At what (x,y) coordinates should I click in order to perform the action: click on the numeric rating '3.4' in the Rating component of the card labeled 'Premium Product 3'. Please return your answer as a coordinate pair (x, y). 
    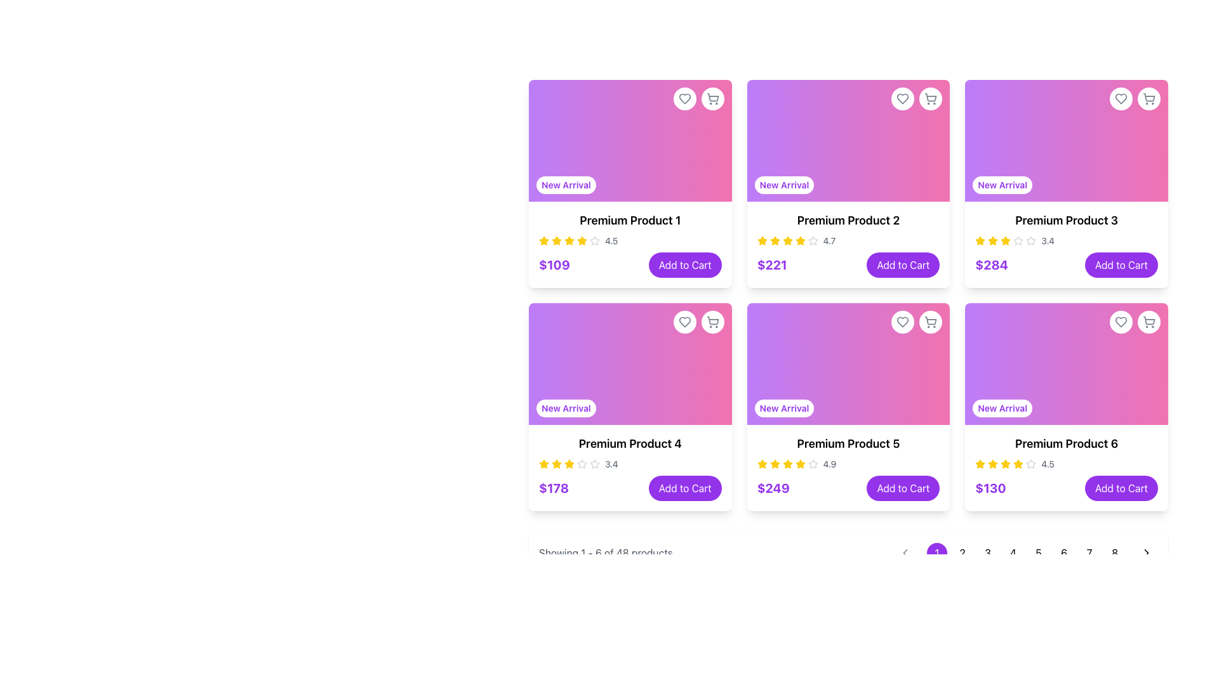
    Looking at the image, I should click on (1067, 241).